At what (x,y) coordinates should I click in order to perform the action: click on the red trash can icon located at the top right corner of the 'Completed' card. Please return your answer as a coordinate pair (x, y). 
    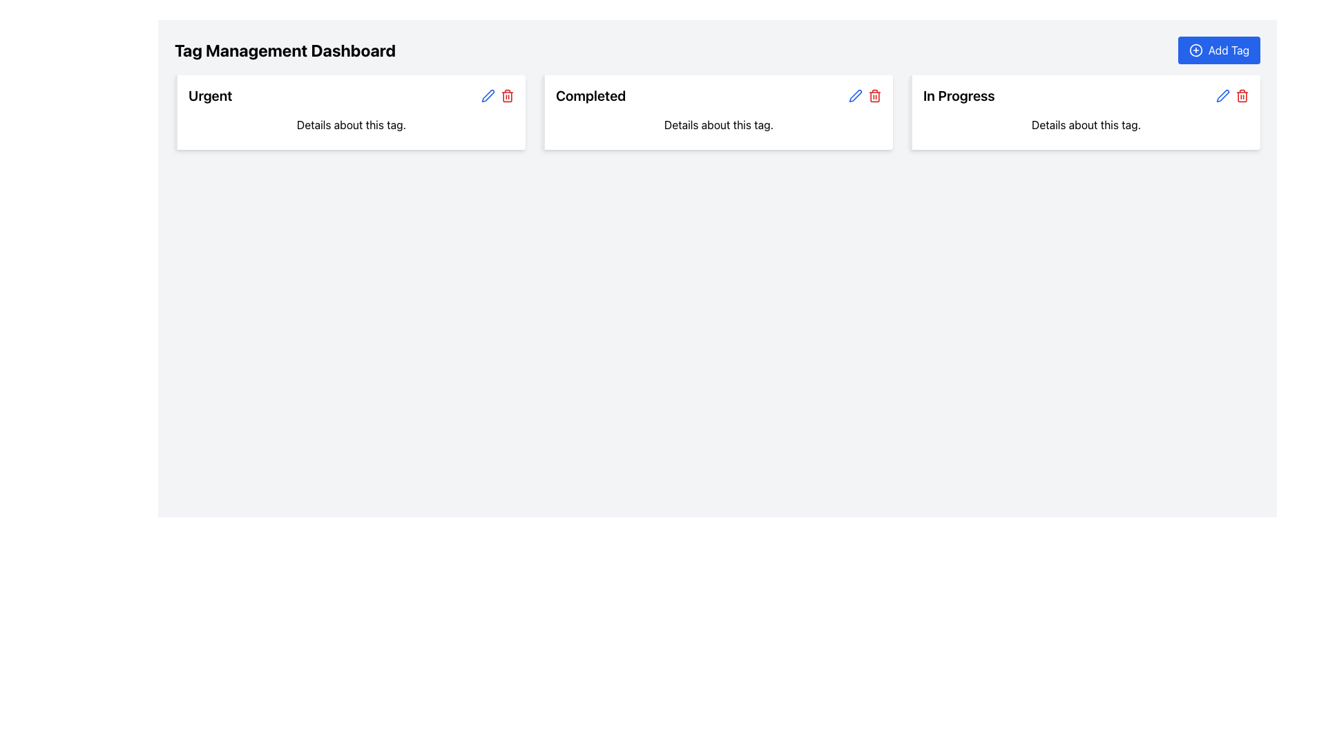
    Looking at the image, I should click on (864, 95).